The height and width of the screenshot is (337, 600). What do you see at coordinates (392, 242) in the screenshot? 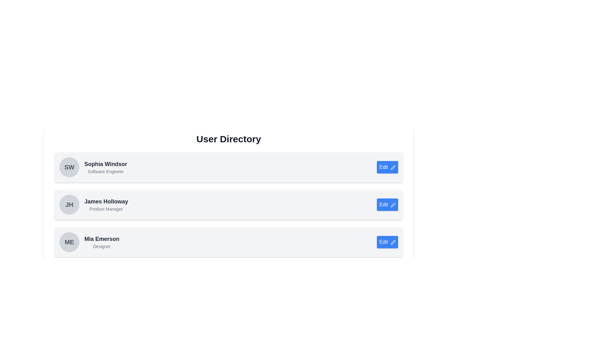
I see `the pen-shaped icon within the 'Edit' button of the third entry in the user directory list` at bounding box center [392, 242].